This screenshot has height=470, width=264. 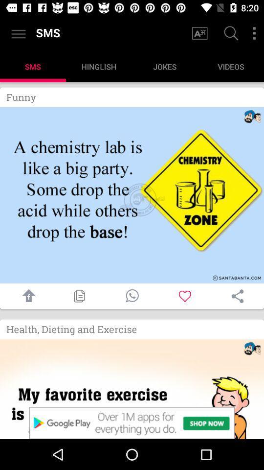 What do you see at coordinates (254, 33) in the screenshot?
I see `menu dropdown` at bounding box center [254, 33].